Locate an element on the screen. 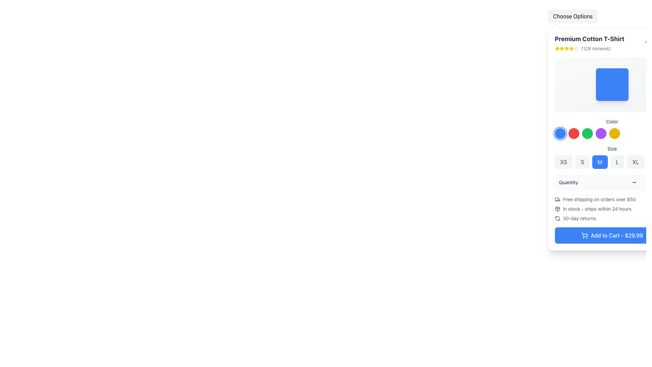  the review count text label located on the top-right section of the interface, adjacent to the star rating component and below the product name 'Premium Cotton T-Shirt' is located at coordinates (596, 48).